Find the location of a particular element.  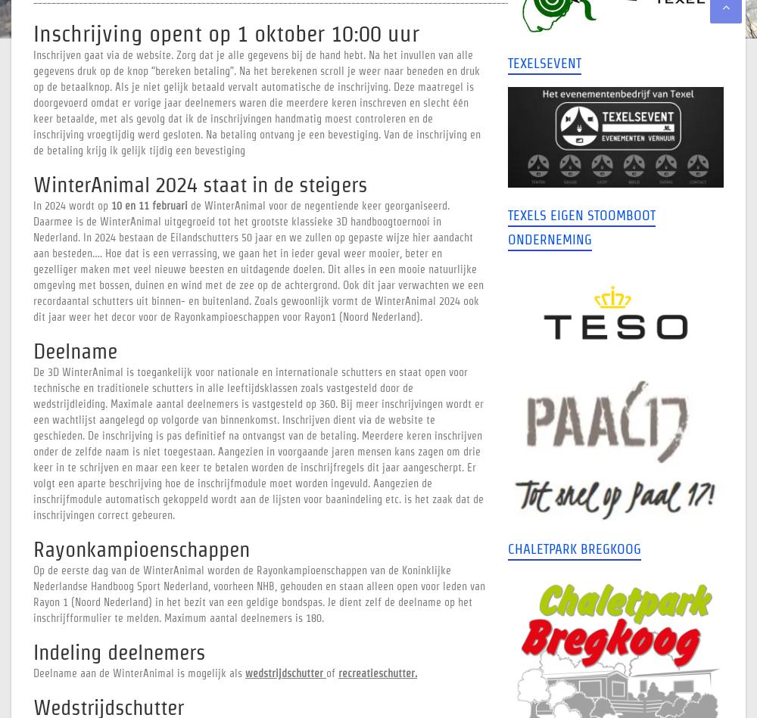

'Op de eerste dag van de WinterAnimal worden de Rayonkampioenschappen van de Koninklijke Nederlandse Handboog Sport Nederland, voorheen NHB, gehouden en staan alleen open voor leden van Rayon 1 (Noord Nederland) in het bezit van een geldige bondspas. Je dient zelf de deelname op het inschrijfformulier te melden. Maximum aantal deelnemers is 180.' is located at coordinates (258, 594).